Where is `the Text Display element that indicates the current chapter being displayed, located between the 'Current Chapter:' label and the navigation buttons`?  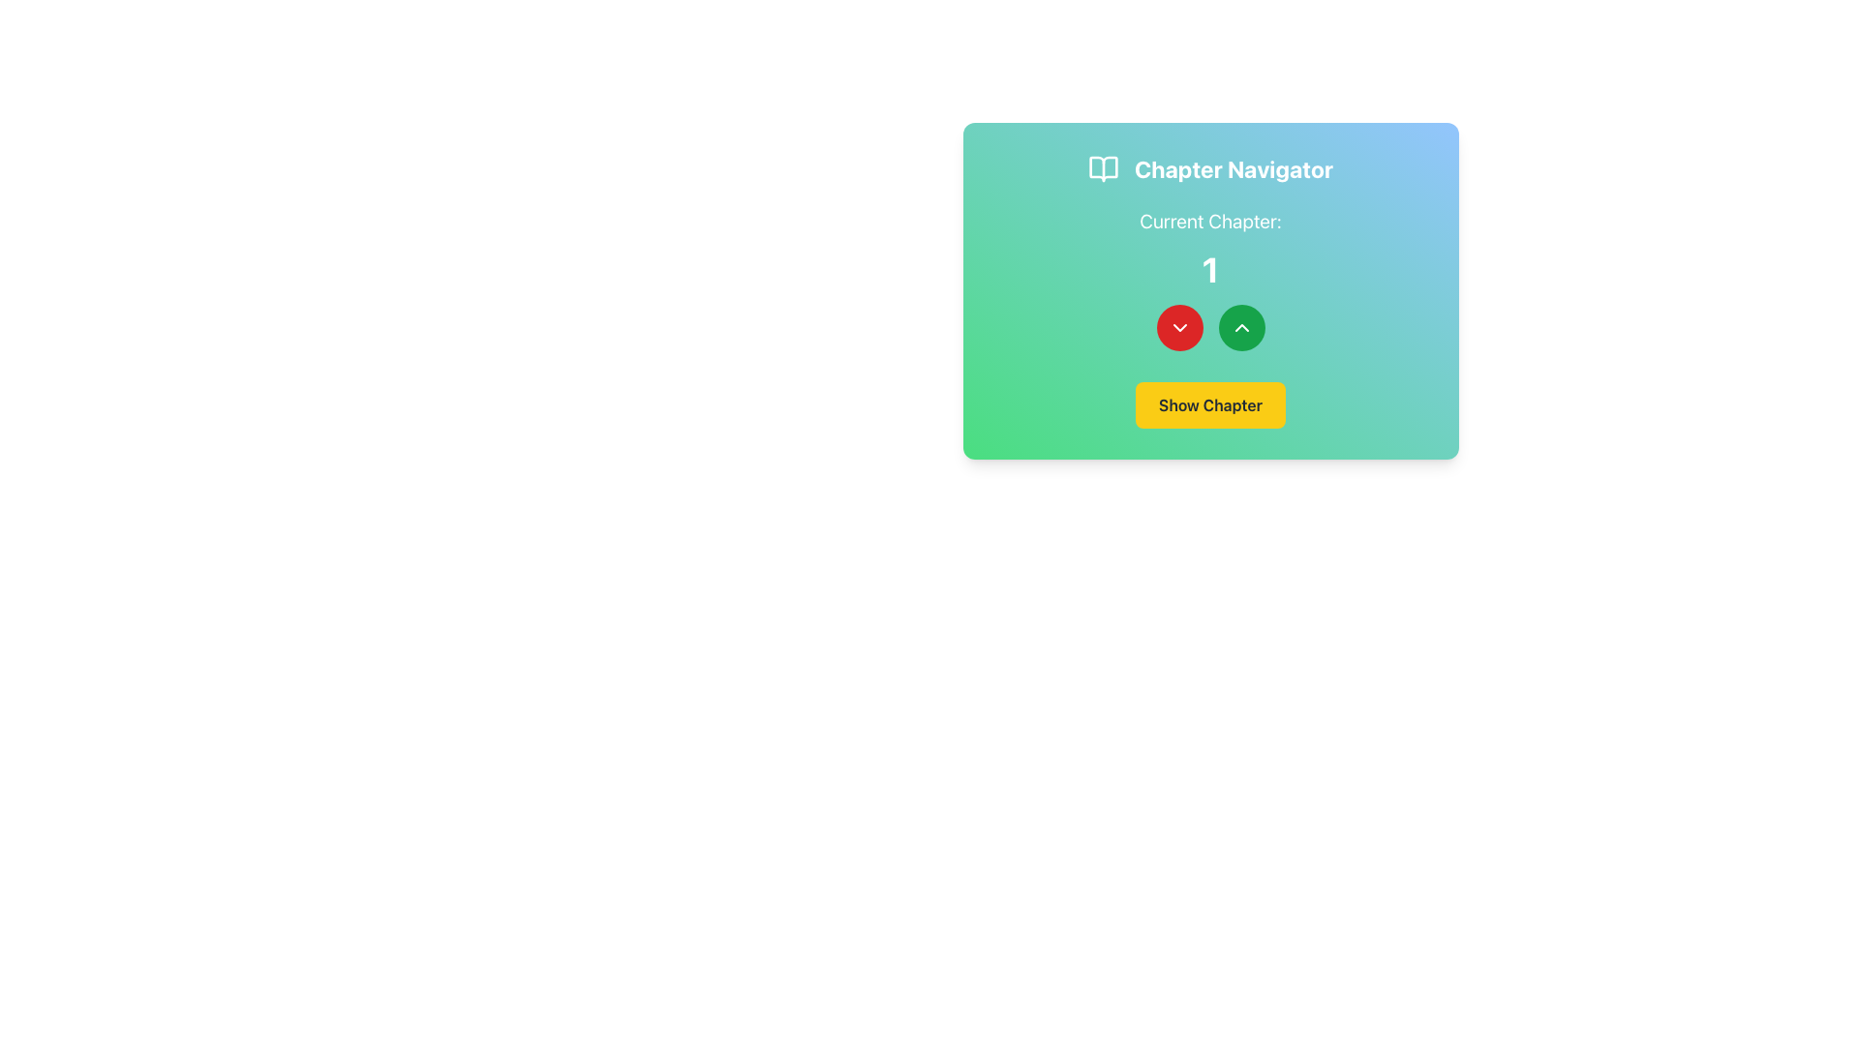
the Text Display element that indicates the current chapter being displayed, located between the 'Current Chapter:' label and the navigation buttons is located at coordinates (1209, 269).